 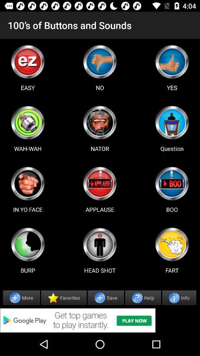 I want to click on image button, so click(x=172, y=244).